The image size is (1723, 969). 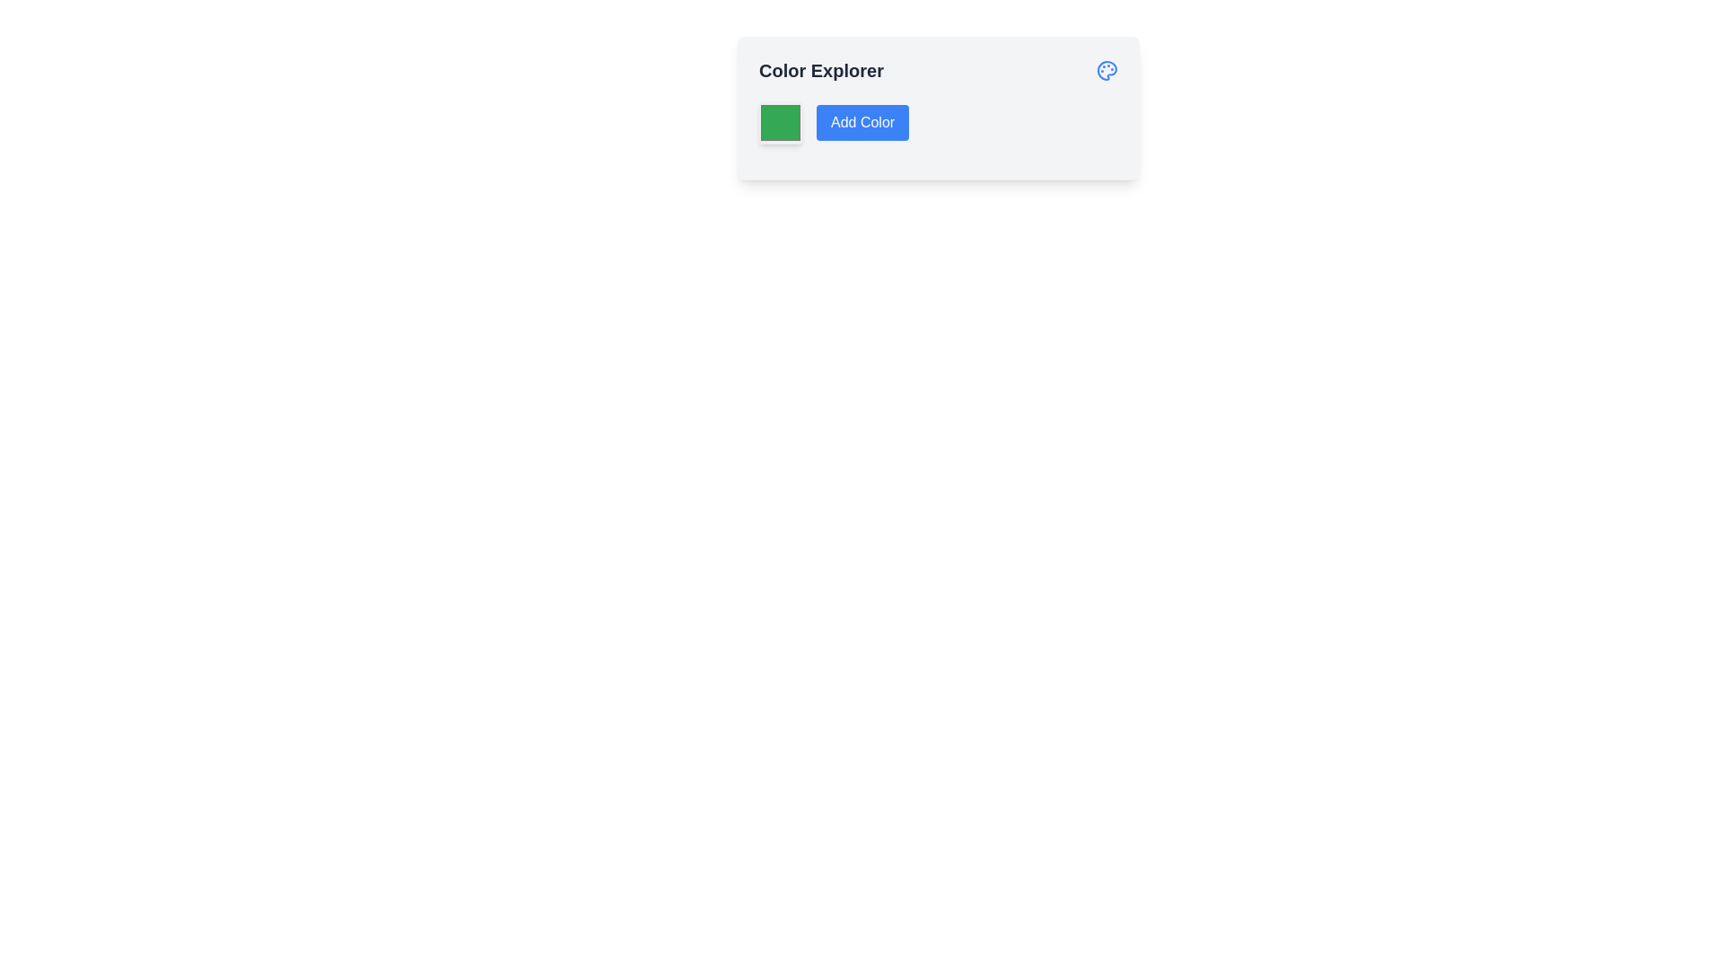 What do you see at coordinates (820, 69) in the screenshot?
I see `the 'Color Explorer' text label, which is a bold, large font heading styled in dark gray, serving as the title of the section` at bounding box center [820, 69].